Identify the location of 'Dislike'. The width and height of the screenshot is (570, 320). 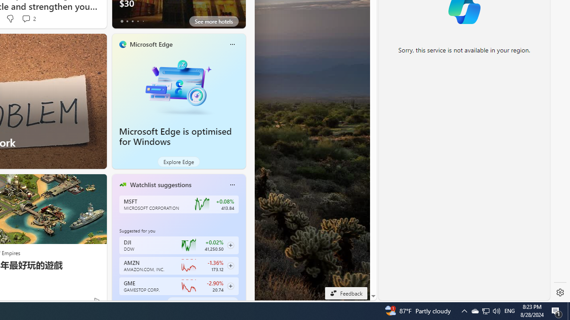
(10, 19).